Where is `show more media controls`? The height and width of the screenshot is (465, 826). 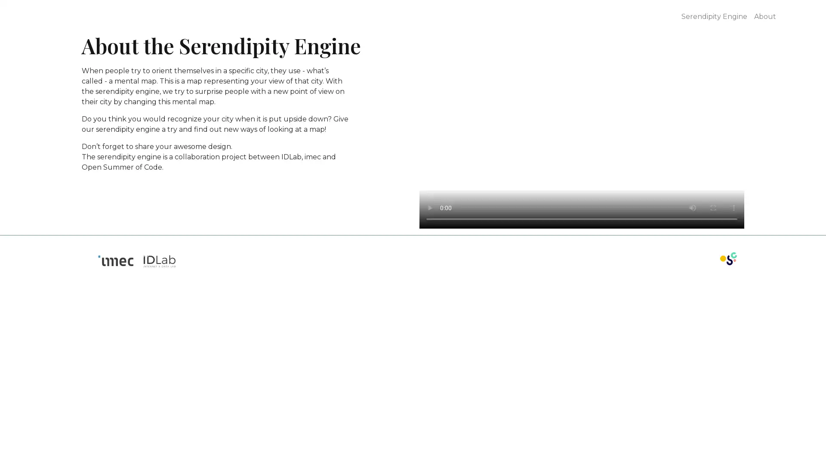 show more media controls is located at coordinates (733, 208).